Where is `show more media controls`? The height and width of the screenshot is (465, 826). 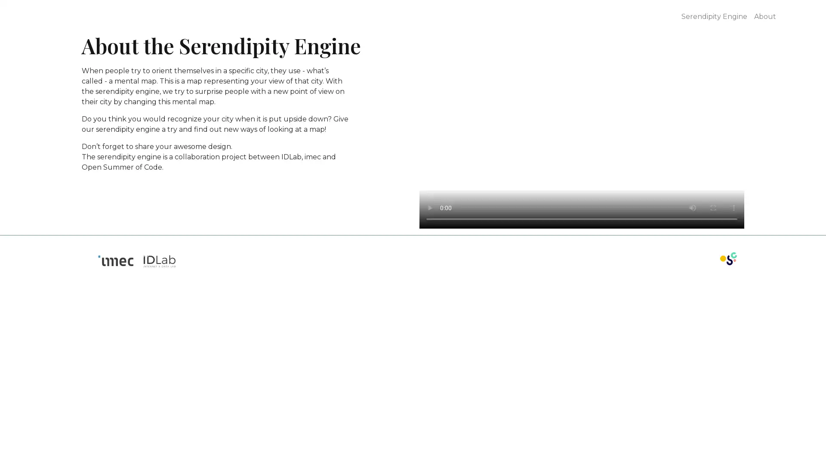 show more media controls is located at coordinates (733, 208).